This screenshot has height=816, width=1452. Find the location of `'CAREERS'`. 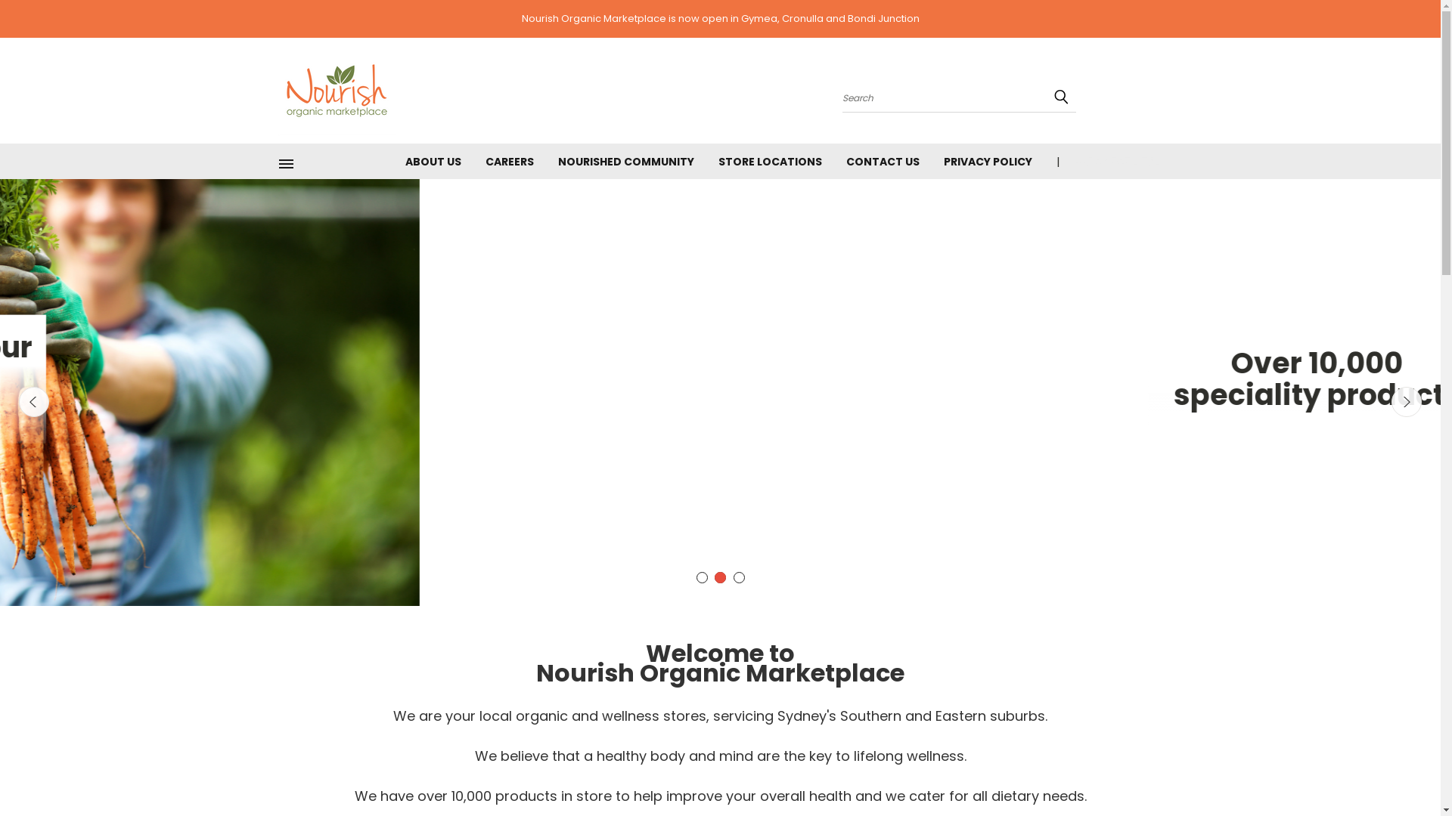

'CAREERS' is located at coordinates (509, 160).